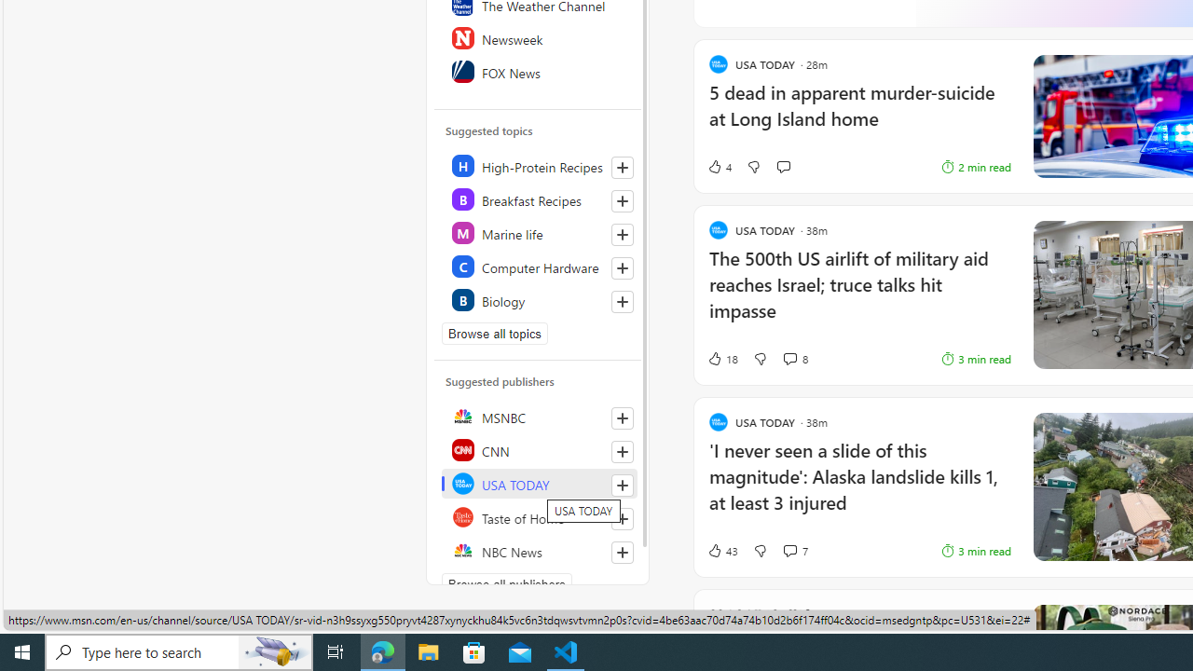  What do you see at coordinates (795, 550) in the screenshot?
I see `'View comments 7 Comment'` at bounding box center [795, 550].